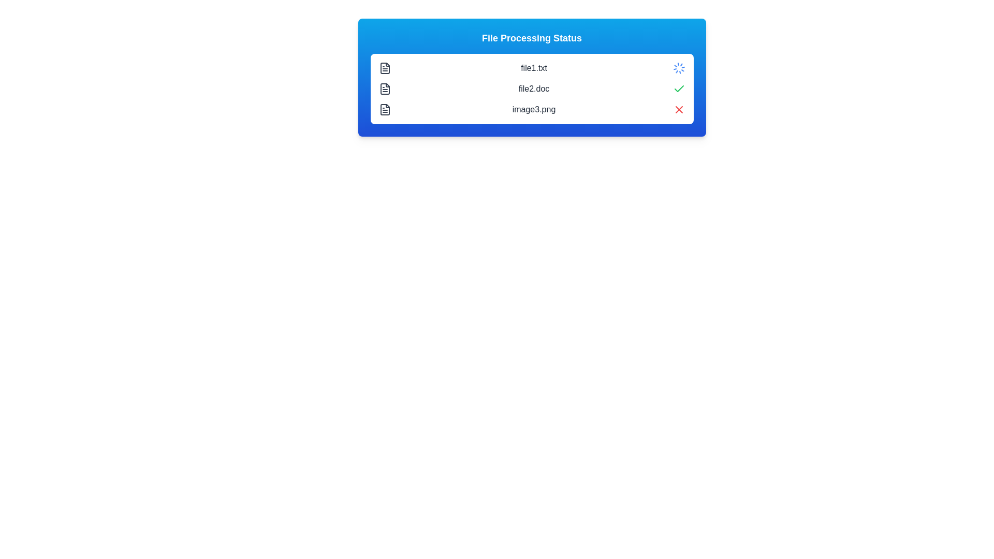 This screenshot has height=559, width=994. Describe the element at coordinates (679, 88) in the screenshot. I see `the success icon located to the right of 'file1.txt' in the 'File Processing Status' component` at that location.